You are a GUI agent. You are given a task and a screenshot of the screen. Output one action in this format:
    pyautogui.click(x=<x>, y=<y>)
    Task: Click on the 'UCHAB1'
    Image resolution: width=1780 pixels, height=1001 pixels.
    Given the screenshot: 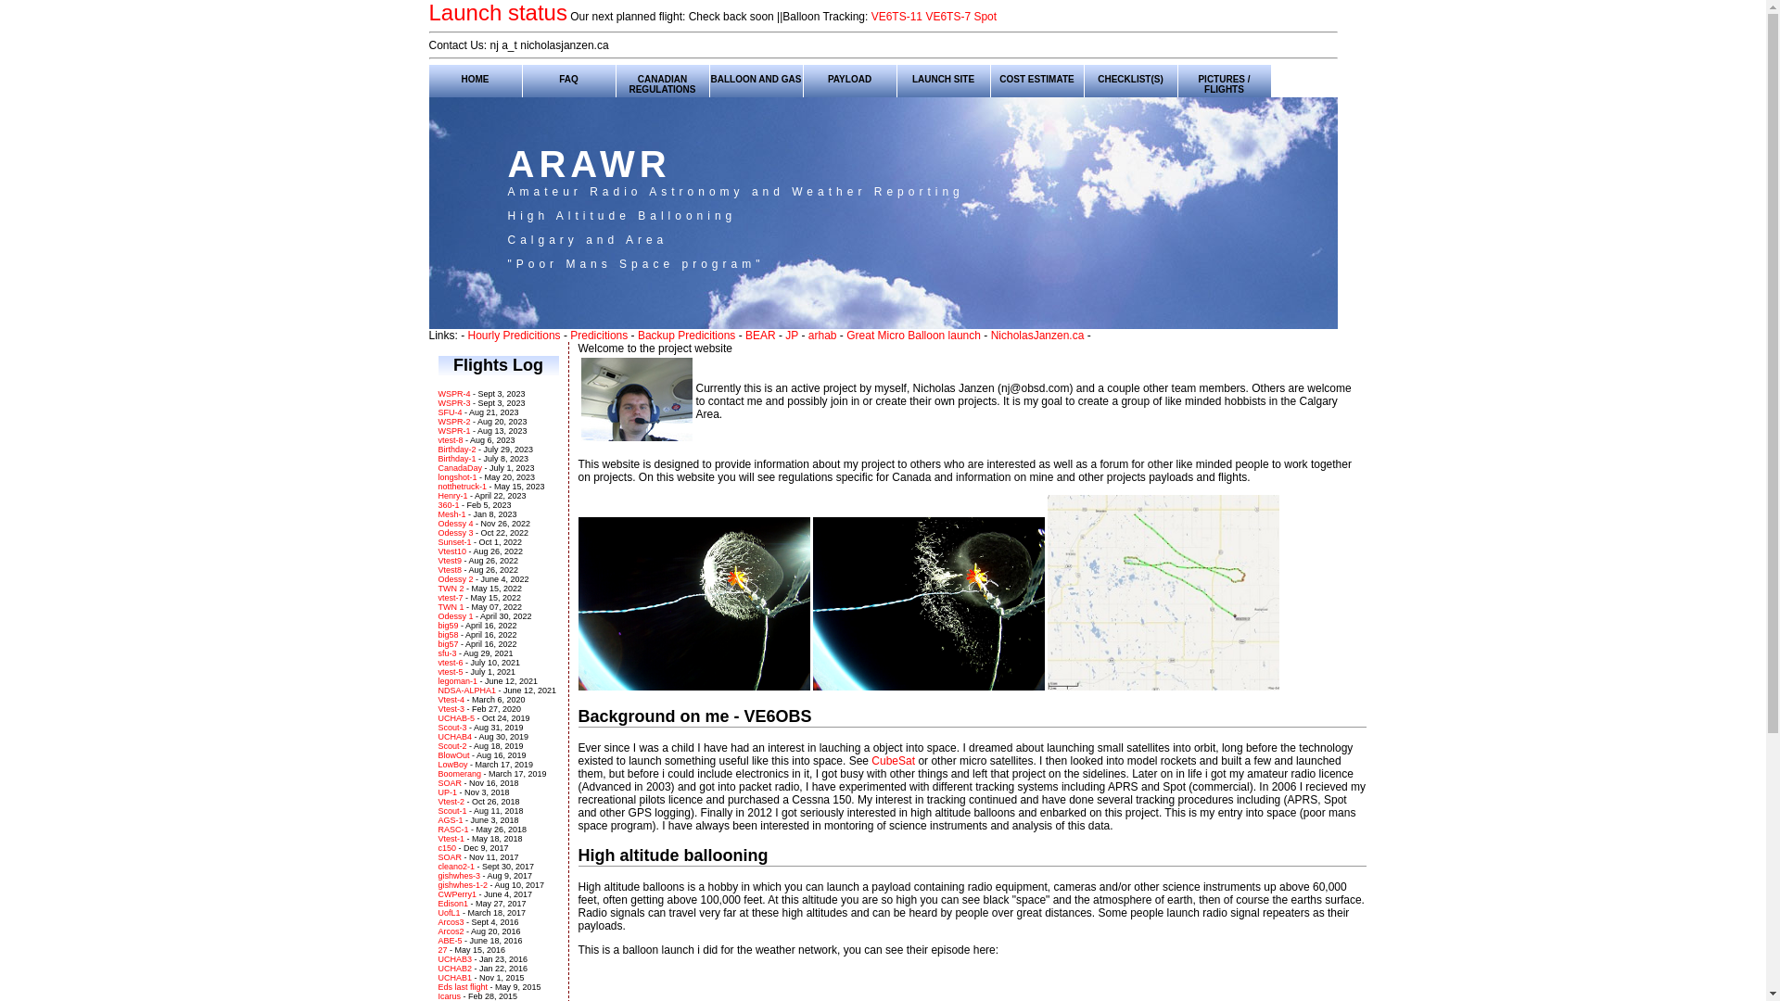 What is the action you would take?
    pyautogui.click(x=455, y=977)
    